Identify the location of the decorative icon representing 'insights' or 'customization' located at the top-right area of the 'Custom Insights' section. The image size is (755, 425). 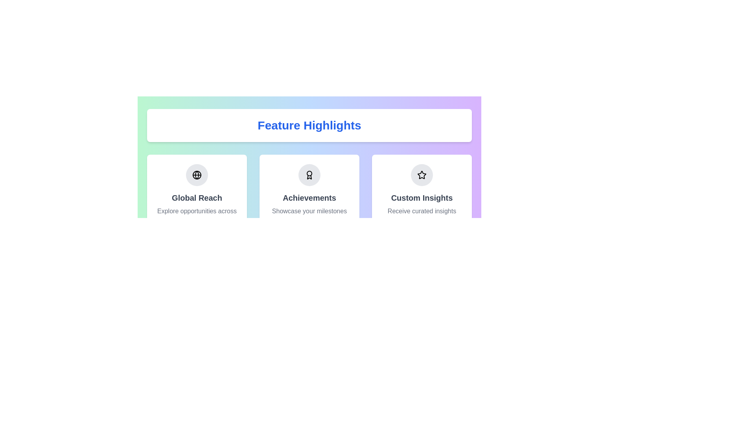
(422, 174).